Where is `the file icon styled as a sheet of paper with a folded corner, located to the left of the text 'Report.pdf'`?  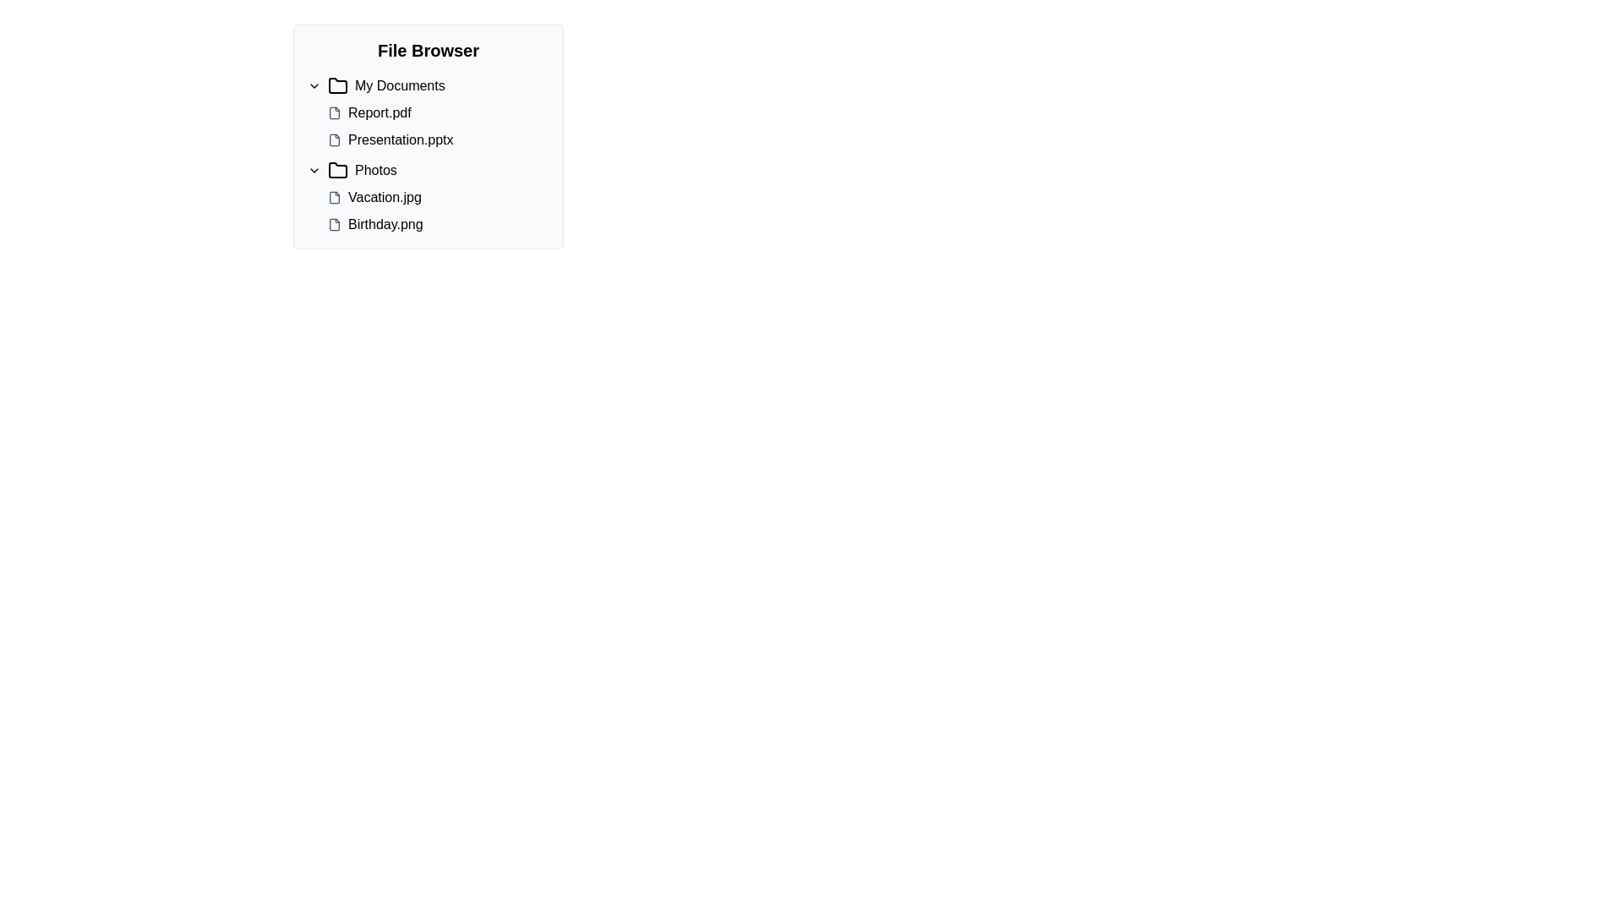
the file icon styled as a sheet of paper with a folded corner, located to the left of the text 'Report.pdf' is located at coordinates (334, 113).